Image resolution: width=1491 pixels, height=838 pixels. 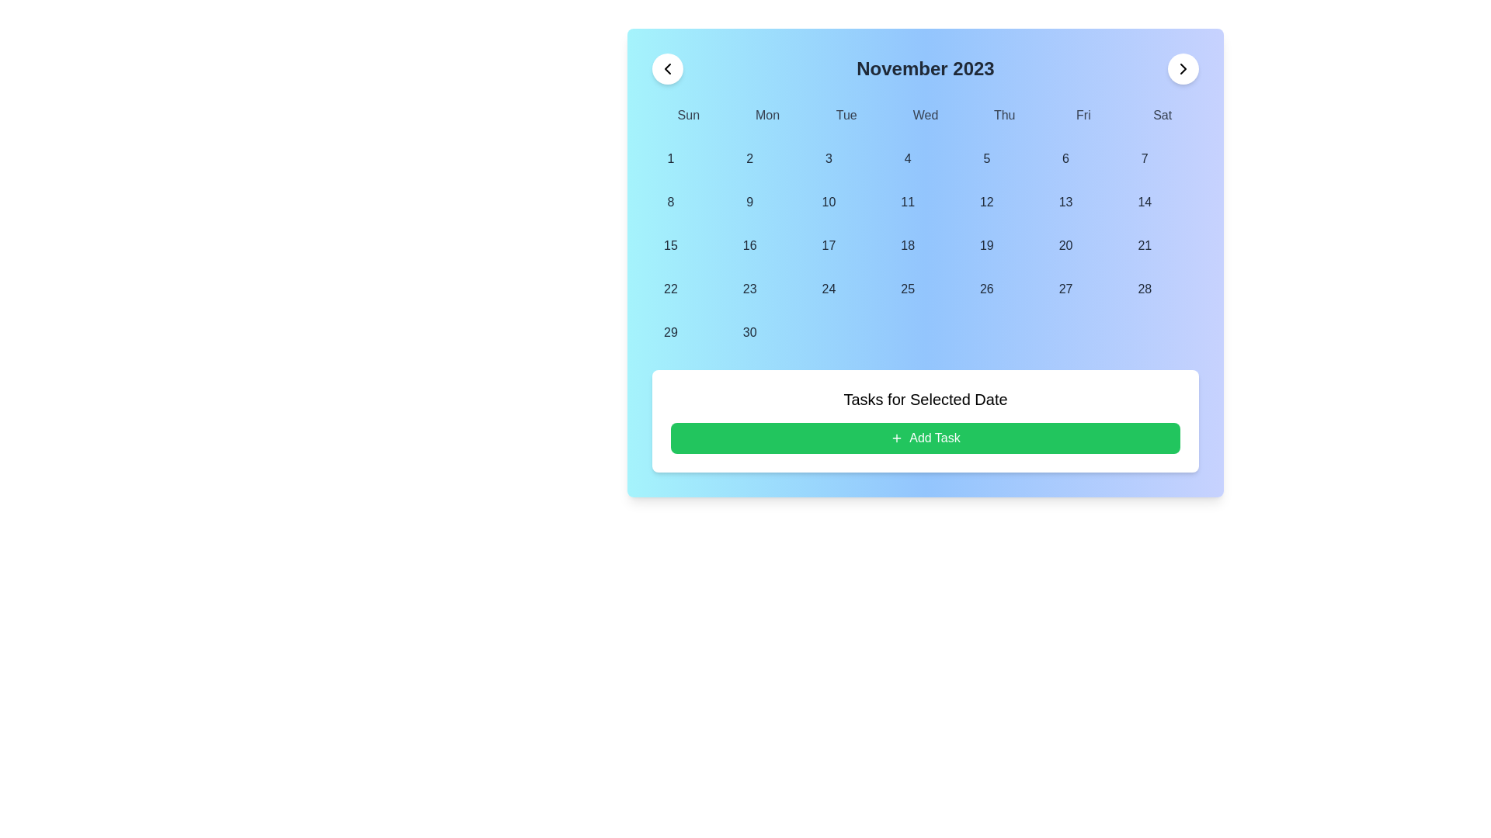 What do you see at coordinates (1145, 158) in the screenshot?
I see `the calendar date selector button located in the first row and seventh column of the calendar interface` at bounding box center [1145, 158].